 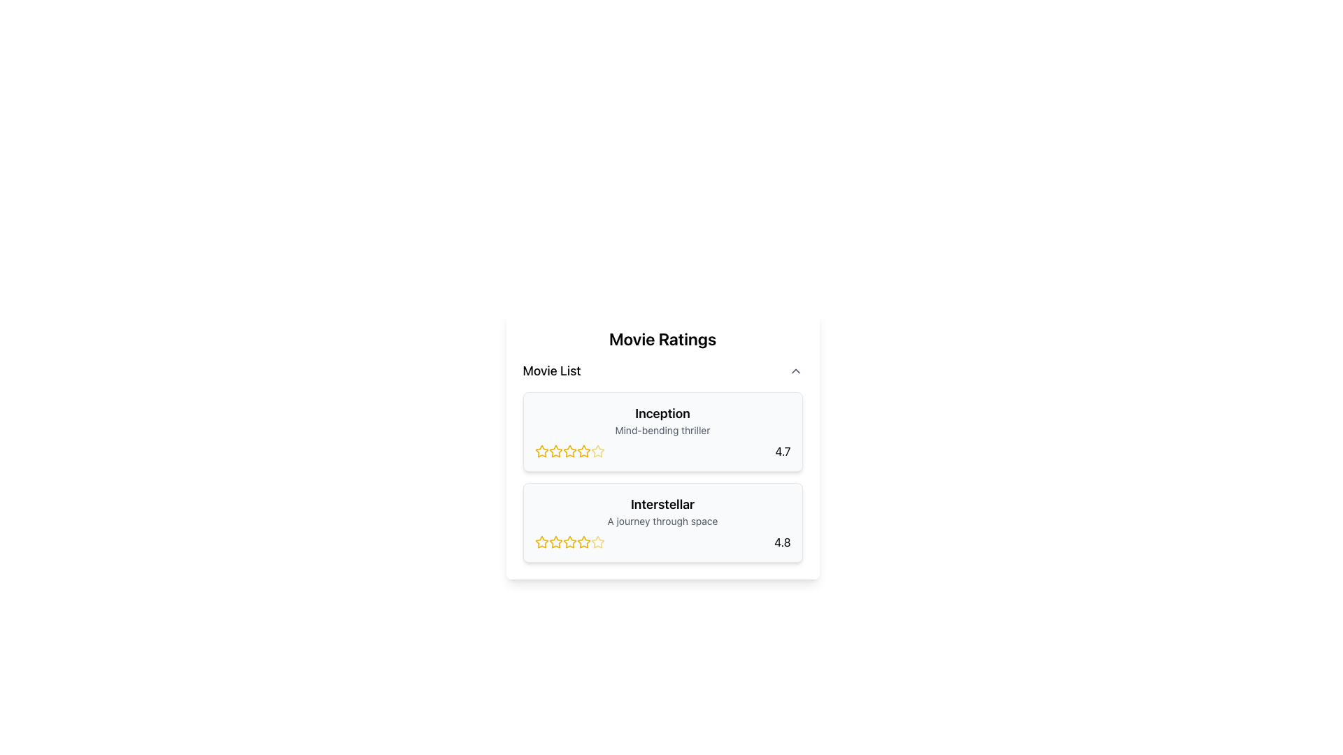 What do you see at coordinates (662, 504) in the screenshot?
I see `the text element 'Interstellar', which is prominently styled in bold and larger font, located at the top of the movie information card` at bounding box center [662, 504].